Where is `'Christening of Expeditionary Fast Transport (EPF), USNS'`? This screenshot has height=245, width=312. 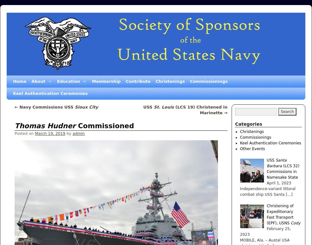
'Christening of Expeditionary Fast Transport (EPF), USNS' is located at coordinates (280, 214).